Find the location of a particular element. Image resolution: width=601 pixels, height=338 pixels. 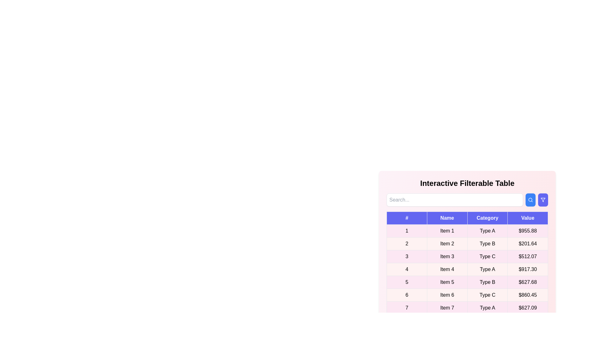

the header of the column to sort it by Value is located at coordinates (527, 218).